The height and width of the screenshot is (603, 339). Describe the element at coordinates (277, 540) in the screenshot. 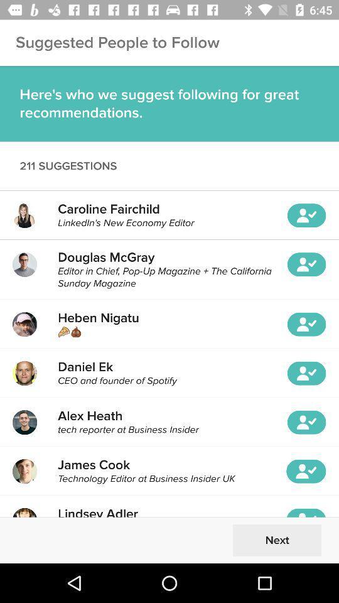

I see `the next icon` at that location.